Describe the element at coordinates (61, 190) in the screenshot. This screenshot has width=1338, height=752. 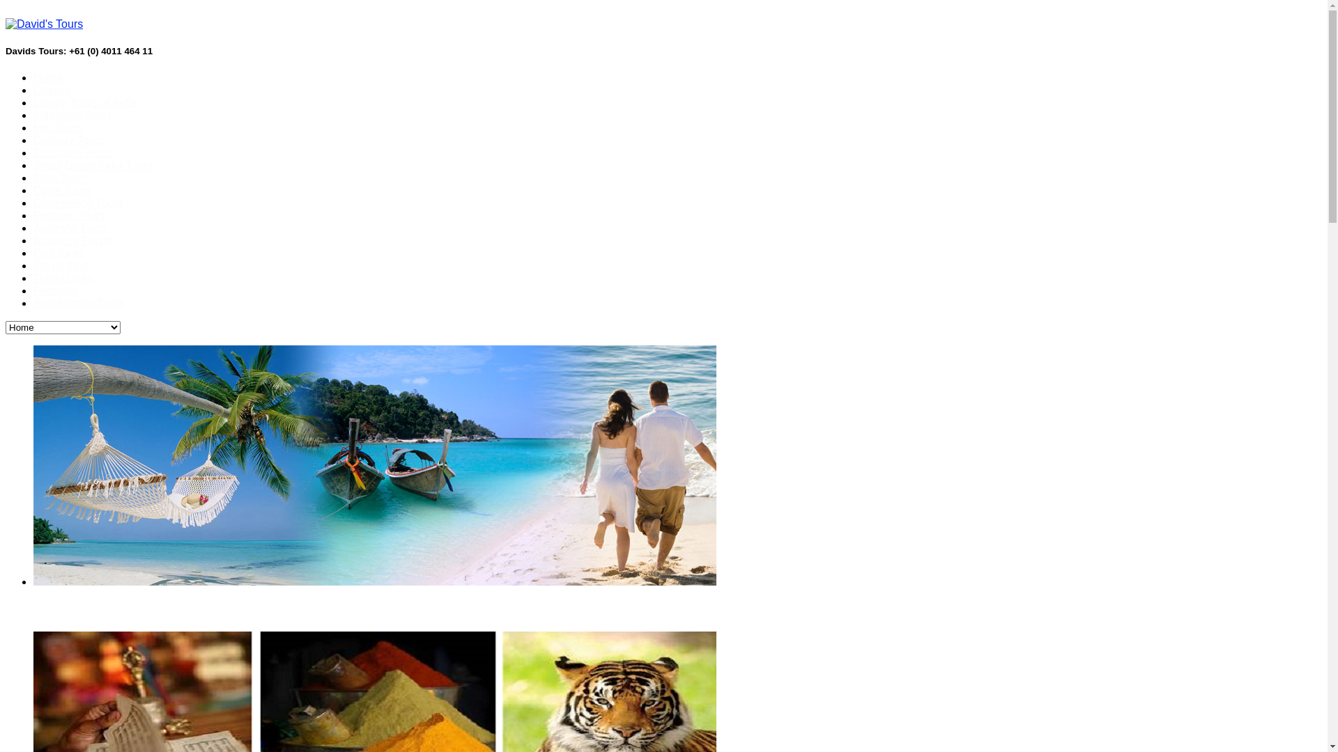
I see `'Cycle Tours'` at that location.